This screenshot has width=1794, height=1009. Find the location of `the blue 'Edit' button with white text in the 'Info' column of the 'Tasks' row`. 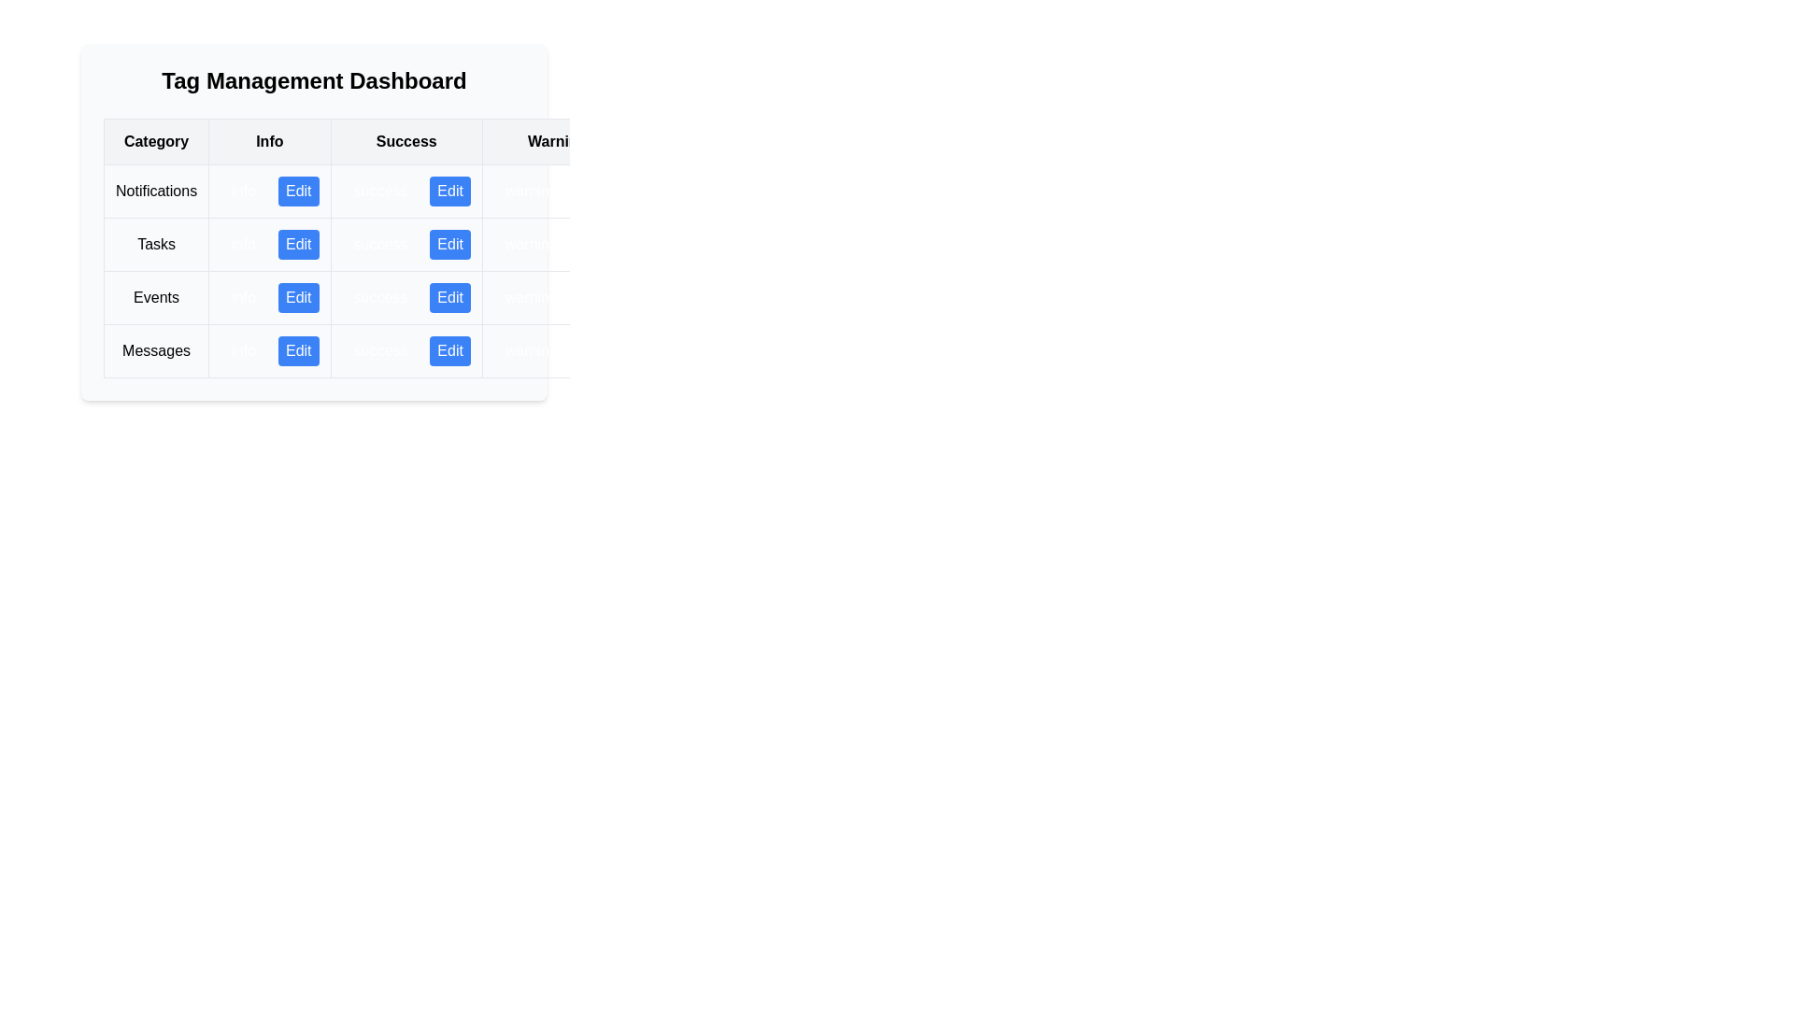

the blue 'Edit' button with white text in the 'Info' column of the 'Tasks' row is located at coordinates (297, 244).